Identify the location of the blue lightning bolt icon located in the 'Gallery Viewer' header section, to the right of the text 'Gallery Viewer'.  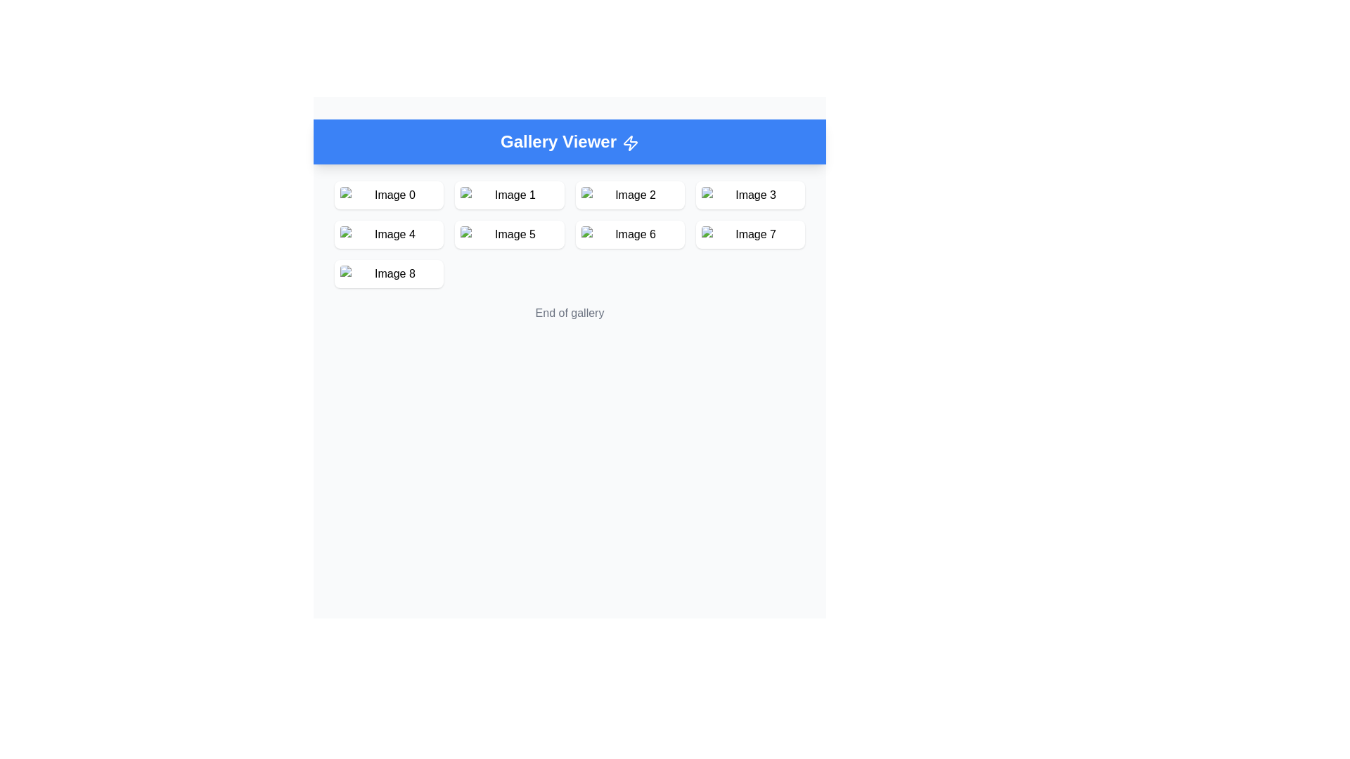
(630, 143).